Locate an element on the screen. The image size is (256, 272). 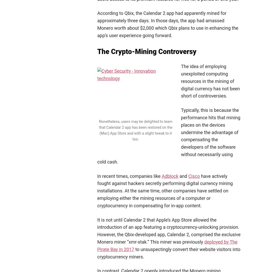
'deployed by The Pirate Bay in 2017' is located at coordinates (167, 245).